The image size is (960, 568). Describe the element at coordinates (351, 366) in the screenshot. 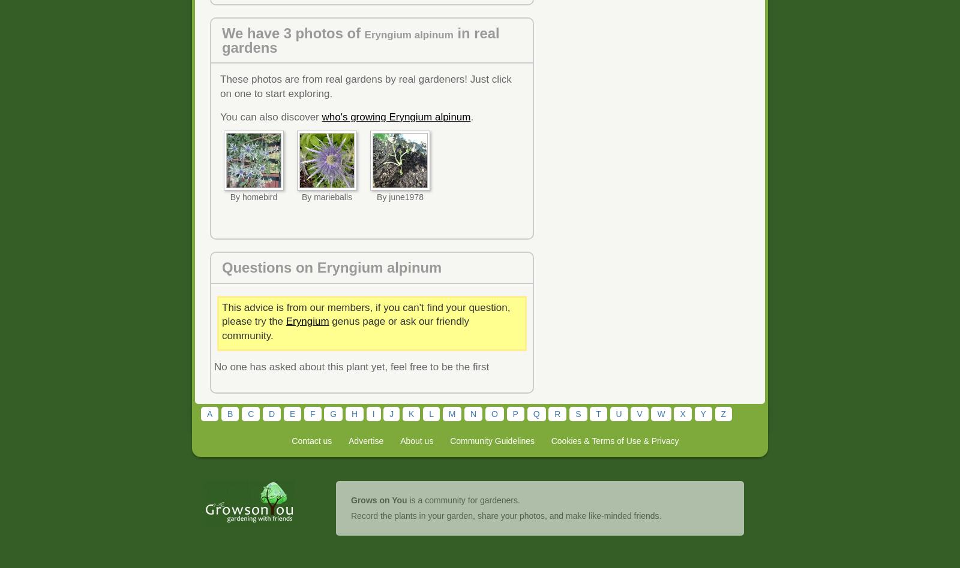

I see `'No one has asked about this plant yet, feel free to be the first'` at that location.